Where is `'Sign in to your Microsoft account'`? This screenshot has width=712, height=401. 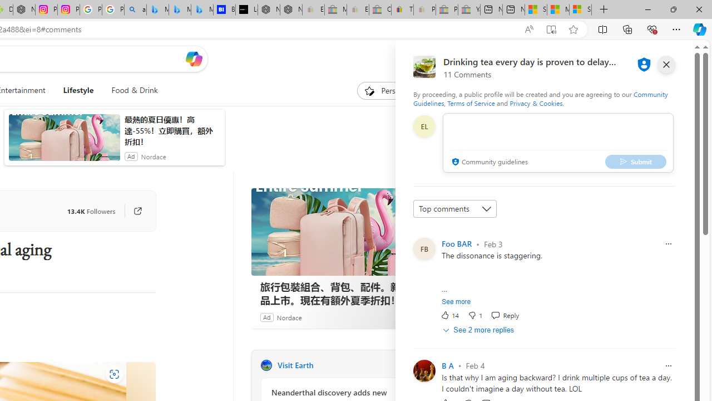 'Sign in to your Microsoft account' is located at coordinates (580, 9).